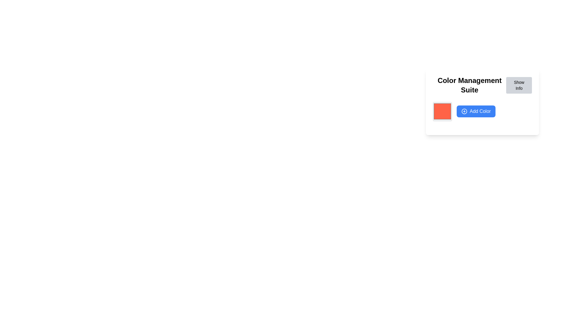 This screenshot has width=569, height=320. Describe the element at coordinates (480, 111) in the screenshot. I see `the 'Add Color' text label within the button, which is styled in white text on a blue background and located below the 'Color Management Suite' header` at that location.